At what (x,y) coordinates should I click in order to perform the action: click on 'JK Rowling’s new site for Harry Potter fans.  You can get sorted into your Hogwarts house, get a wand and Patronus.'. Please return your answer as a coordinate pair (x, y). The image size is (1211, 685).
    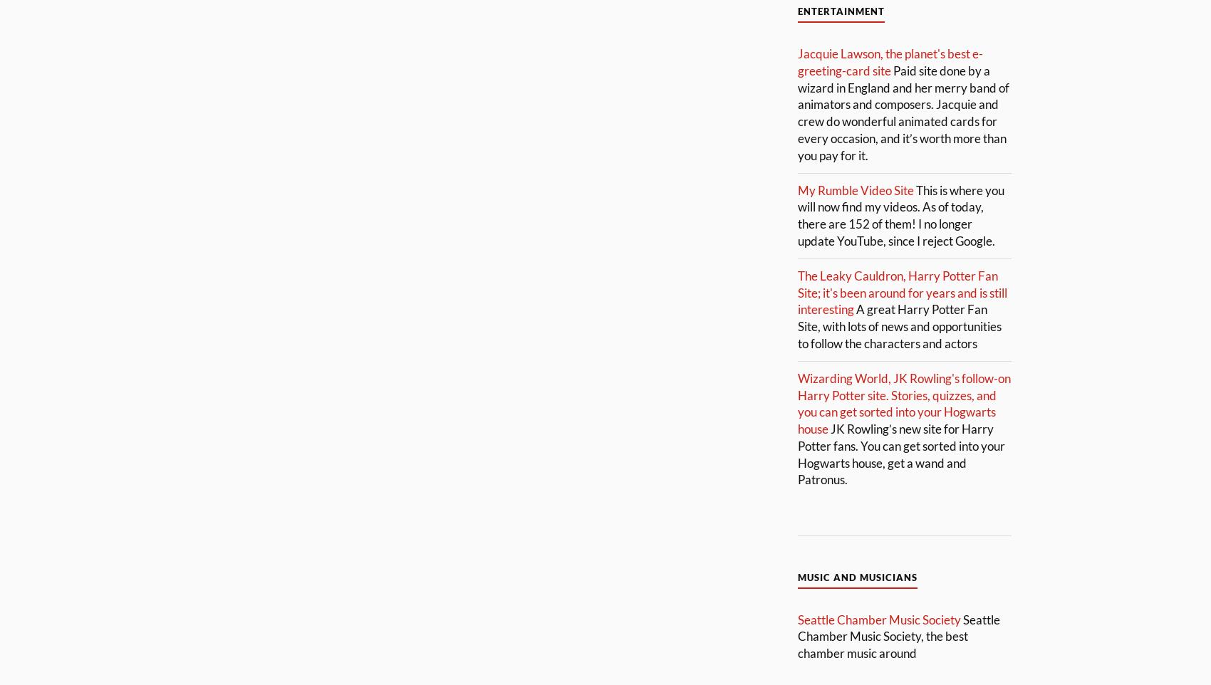
    Looking at the image, I should click on (797, 454).